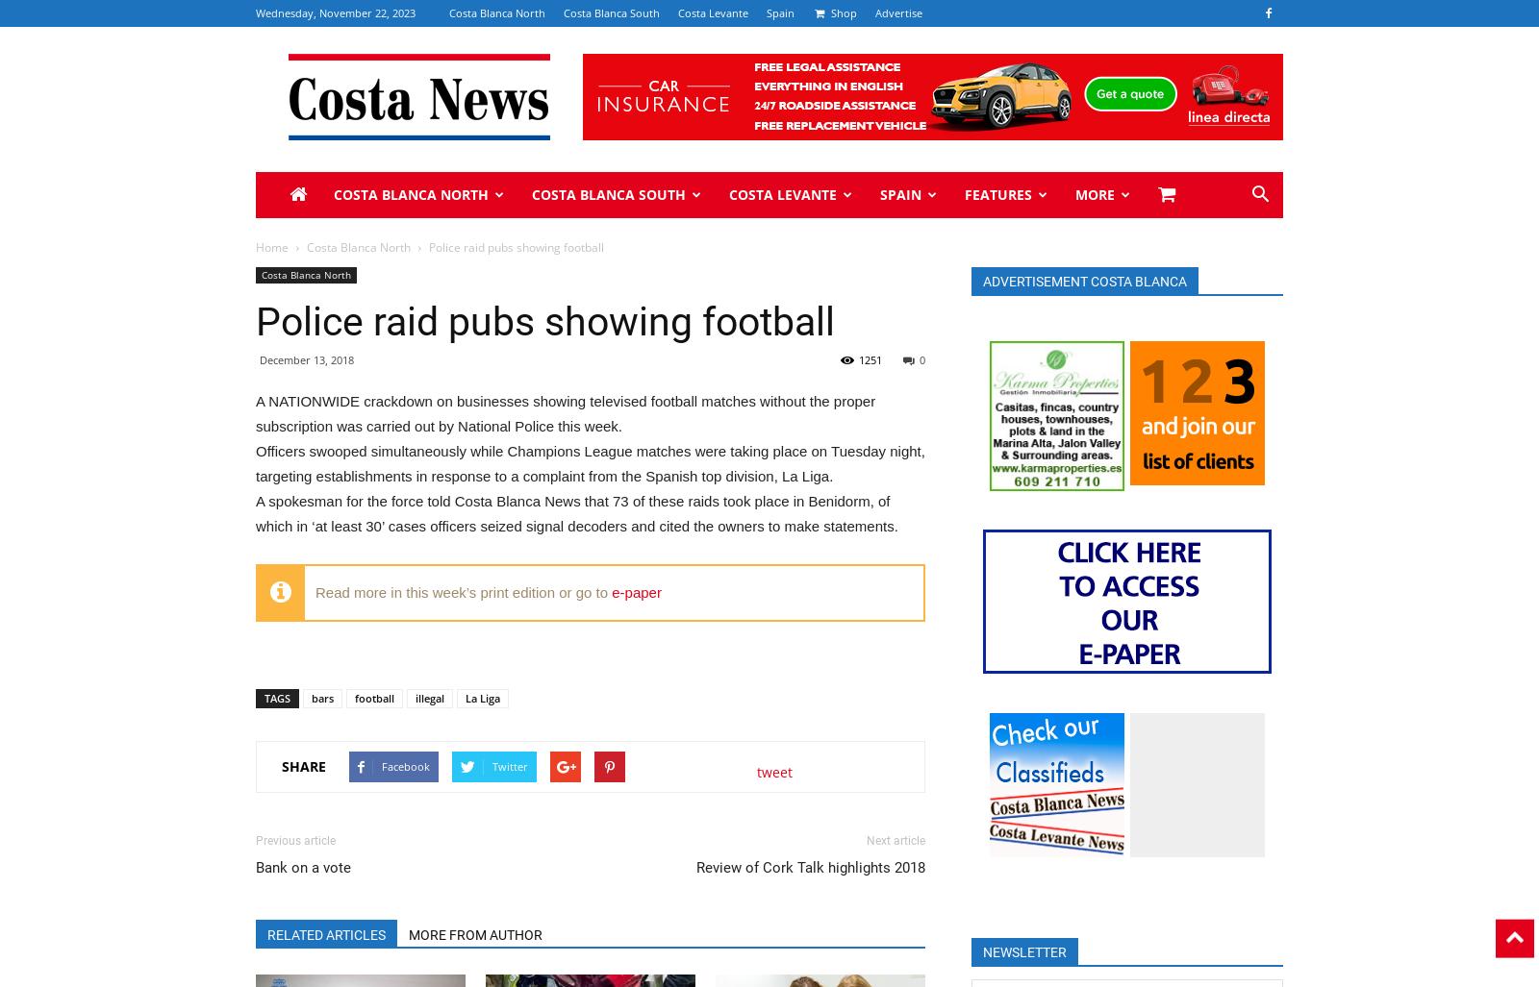 The width and height of the screenshot is (1539, 987). I want to click on 'MORE FROM AUTHOR', so click(474, 932).